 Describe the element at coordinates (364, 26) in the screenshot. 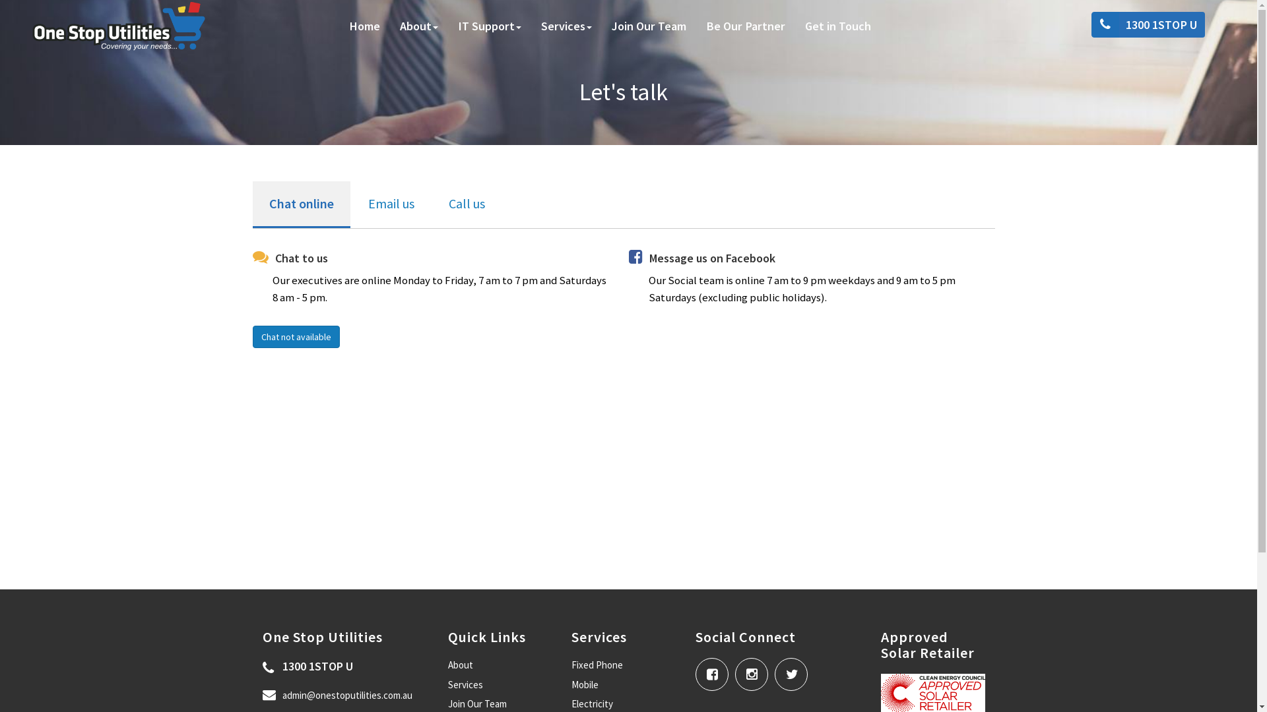

I see `'Home'` at that location.